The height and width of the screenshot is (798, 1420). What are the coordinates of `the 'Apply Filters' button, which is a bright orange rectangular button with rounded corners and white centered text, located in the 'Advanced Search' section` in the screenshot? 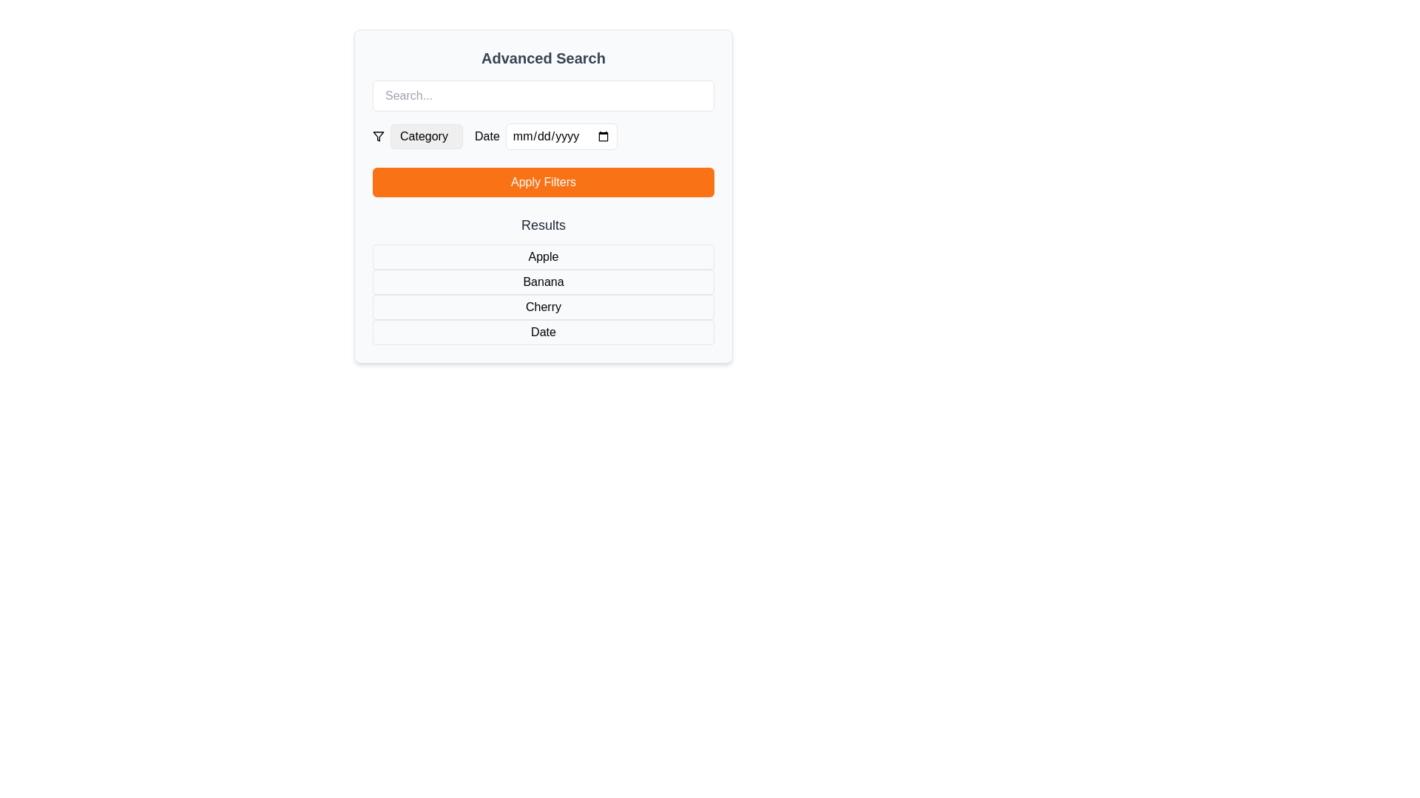 It's located at (542, 181).